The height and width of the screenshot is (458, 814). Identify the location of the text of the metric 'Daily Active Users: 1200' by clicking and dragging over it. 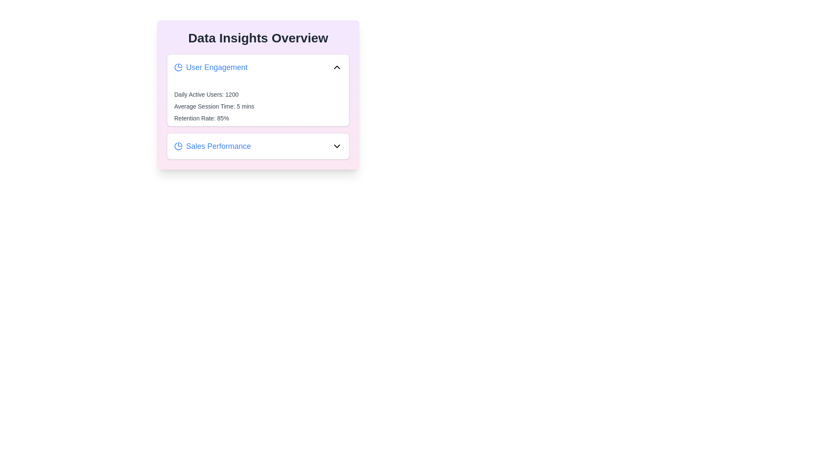
(174, 90).